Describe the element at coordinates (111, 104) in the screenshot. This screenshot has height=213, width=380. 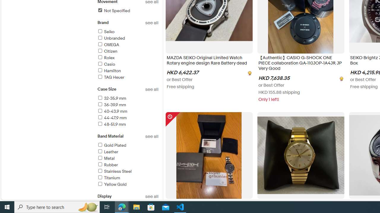
I see `'36-39.9 mm'` at that location.